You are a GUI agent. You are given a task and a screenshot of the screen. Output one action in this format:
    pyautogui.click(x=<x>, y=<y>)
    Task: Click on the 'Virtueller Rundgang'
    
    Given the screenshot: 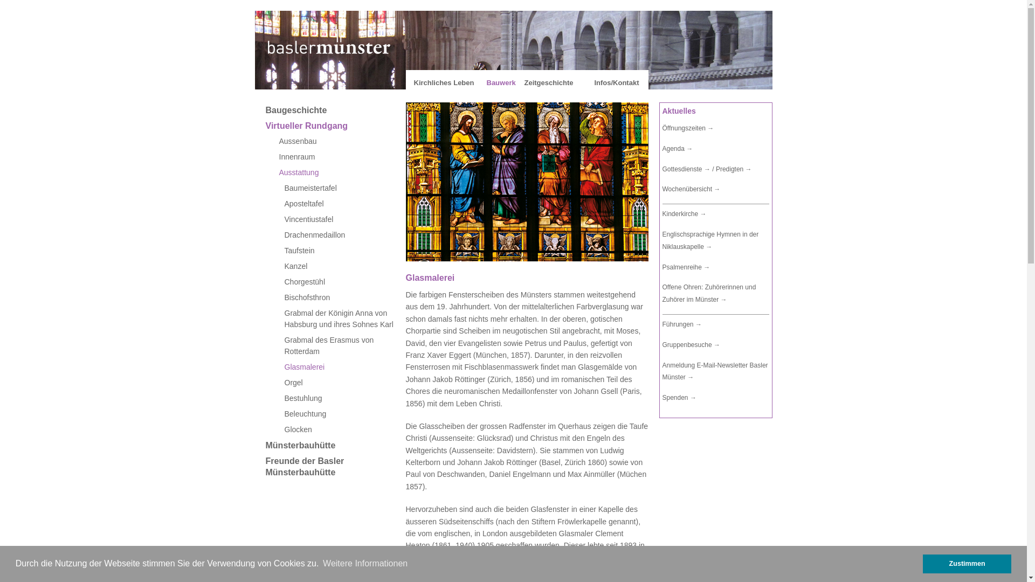 What is the action you would take?
    pyautogui.click(x=337, y=125)
    